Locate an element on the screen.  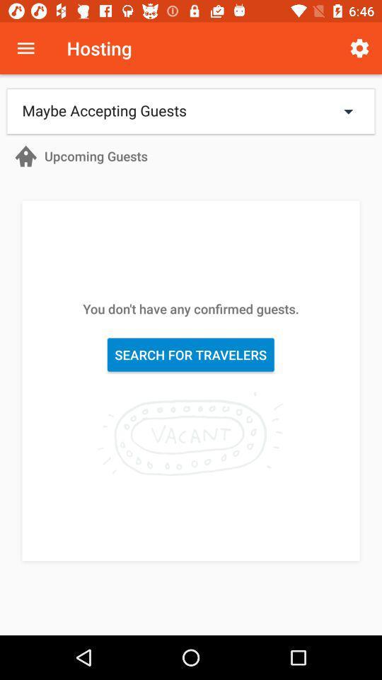
see options is located at coordinates (25, 48).